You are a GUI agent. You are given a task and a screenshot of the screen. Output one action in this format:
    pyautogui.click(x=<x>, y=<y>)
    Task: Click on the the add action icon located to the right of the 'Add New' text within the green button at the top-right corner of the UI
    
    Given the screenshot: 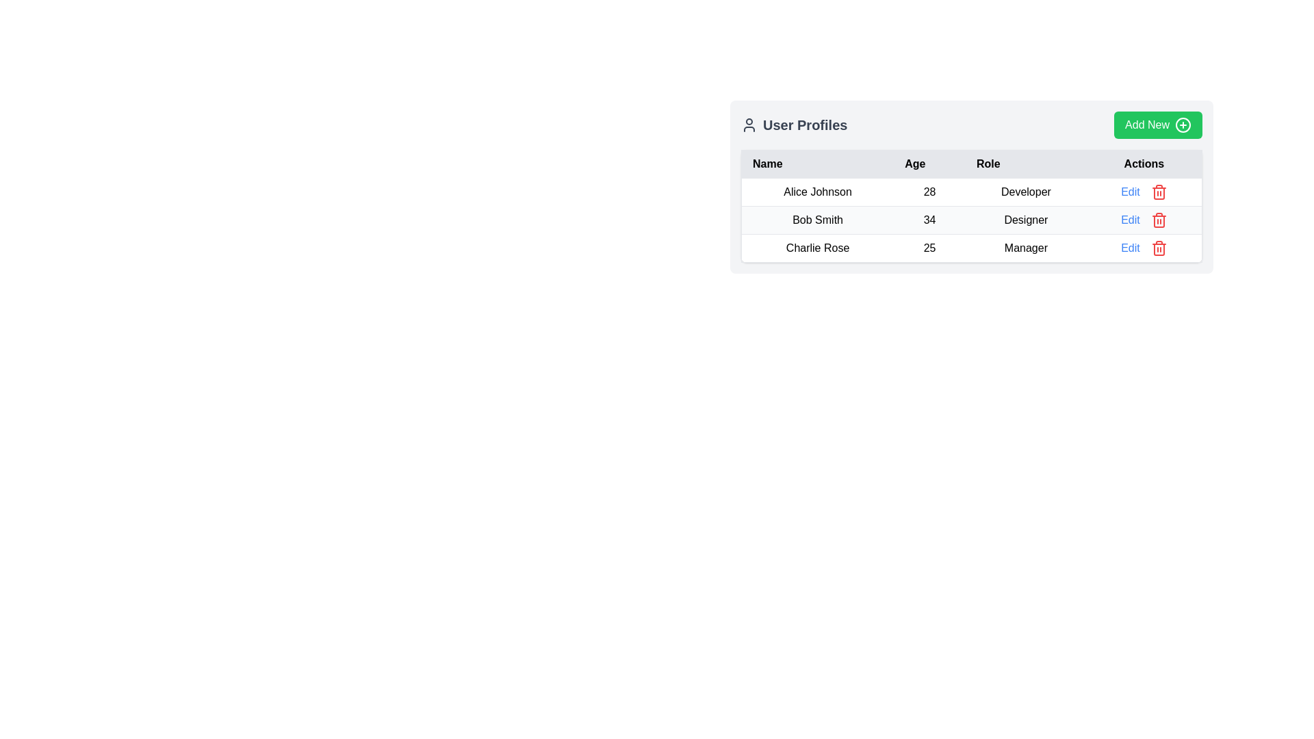 What is the action you would take?
    pyautogui.click(x=1182, y=125)
    